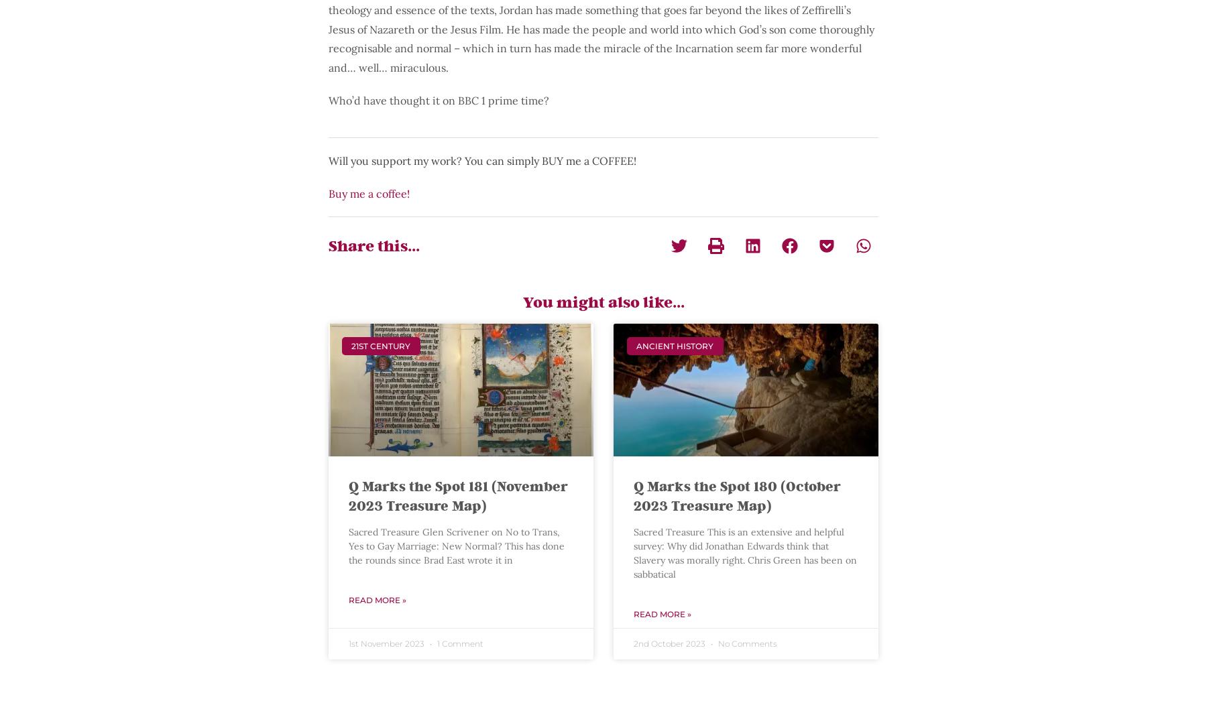 The image size is (1207, 701). What do you see at coordinates (459, 643) in the screenshot?
I see `'1 Comment'` at bounding box center [459, 643].